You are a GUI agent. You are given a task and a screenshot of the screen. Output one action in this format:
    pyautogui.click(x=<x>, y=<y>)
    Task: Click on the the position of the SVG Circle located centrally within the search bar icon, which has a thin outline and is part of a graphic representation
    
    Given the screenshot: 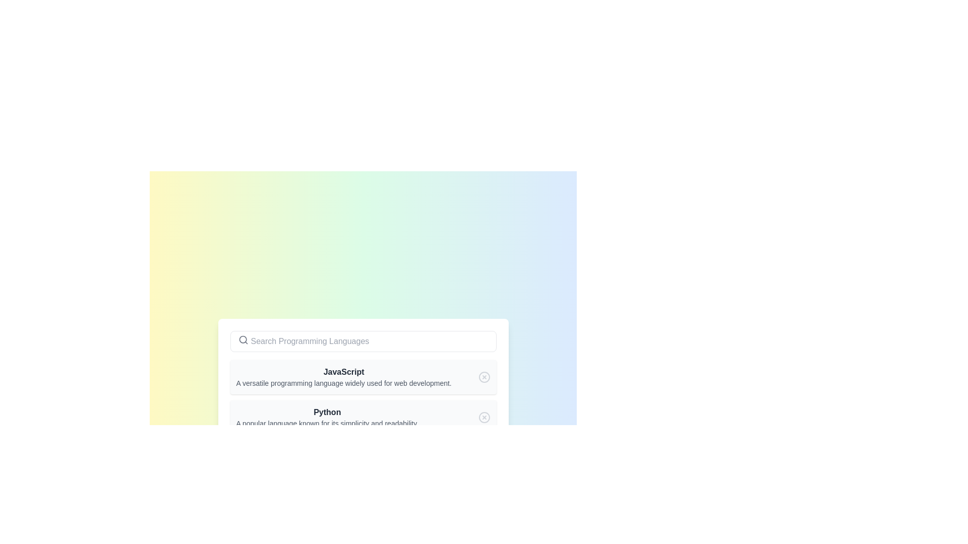 What is the action you would take?
    pyautogui.click(x=243, y=339)
    